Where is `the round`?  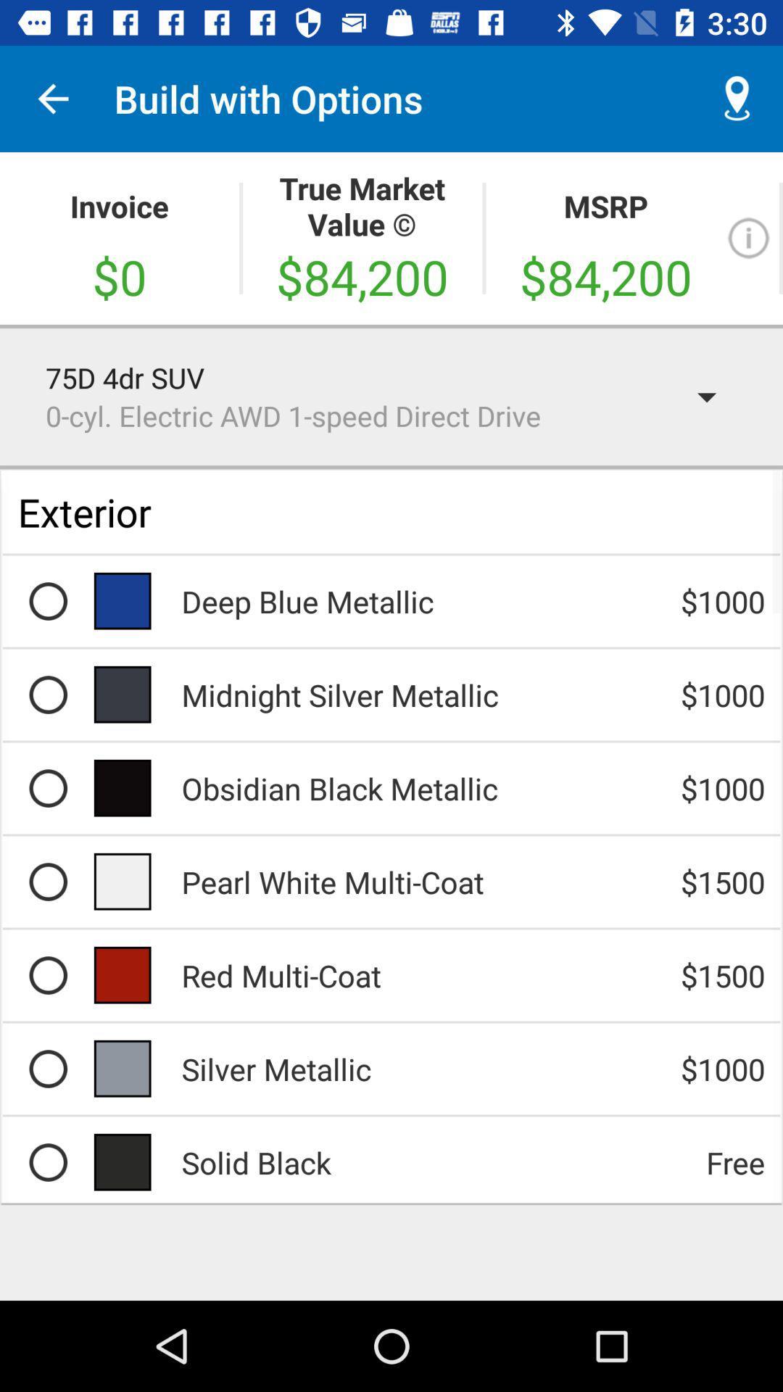 the round is located at coordinates (47, 975).